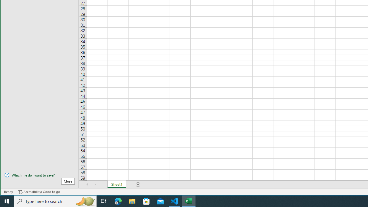 This screenshot has width=368, height=207. I want to click on 'Add Sheet', so click(138, 184).